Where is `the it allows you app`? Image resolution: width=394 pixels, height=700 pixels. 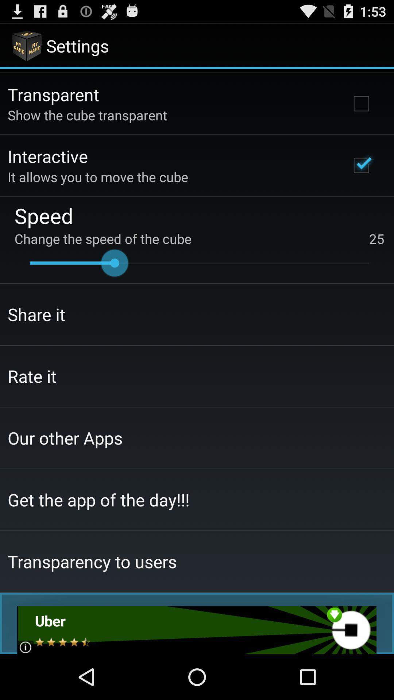
the it allows you app is located at coordinates (97, 177).